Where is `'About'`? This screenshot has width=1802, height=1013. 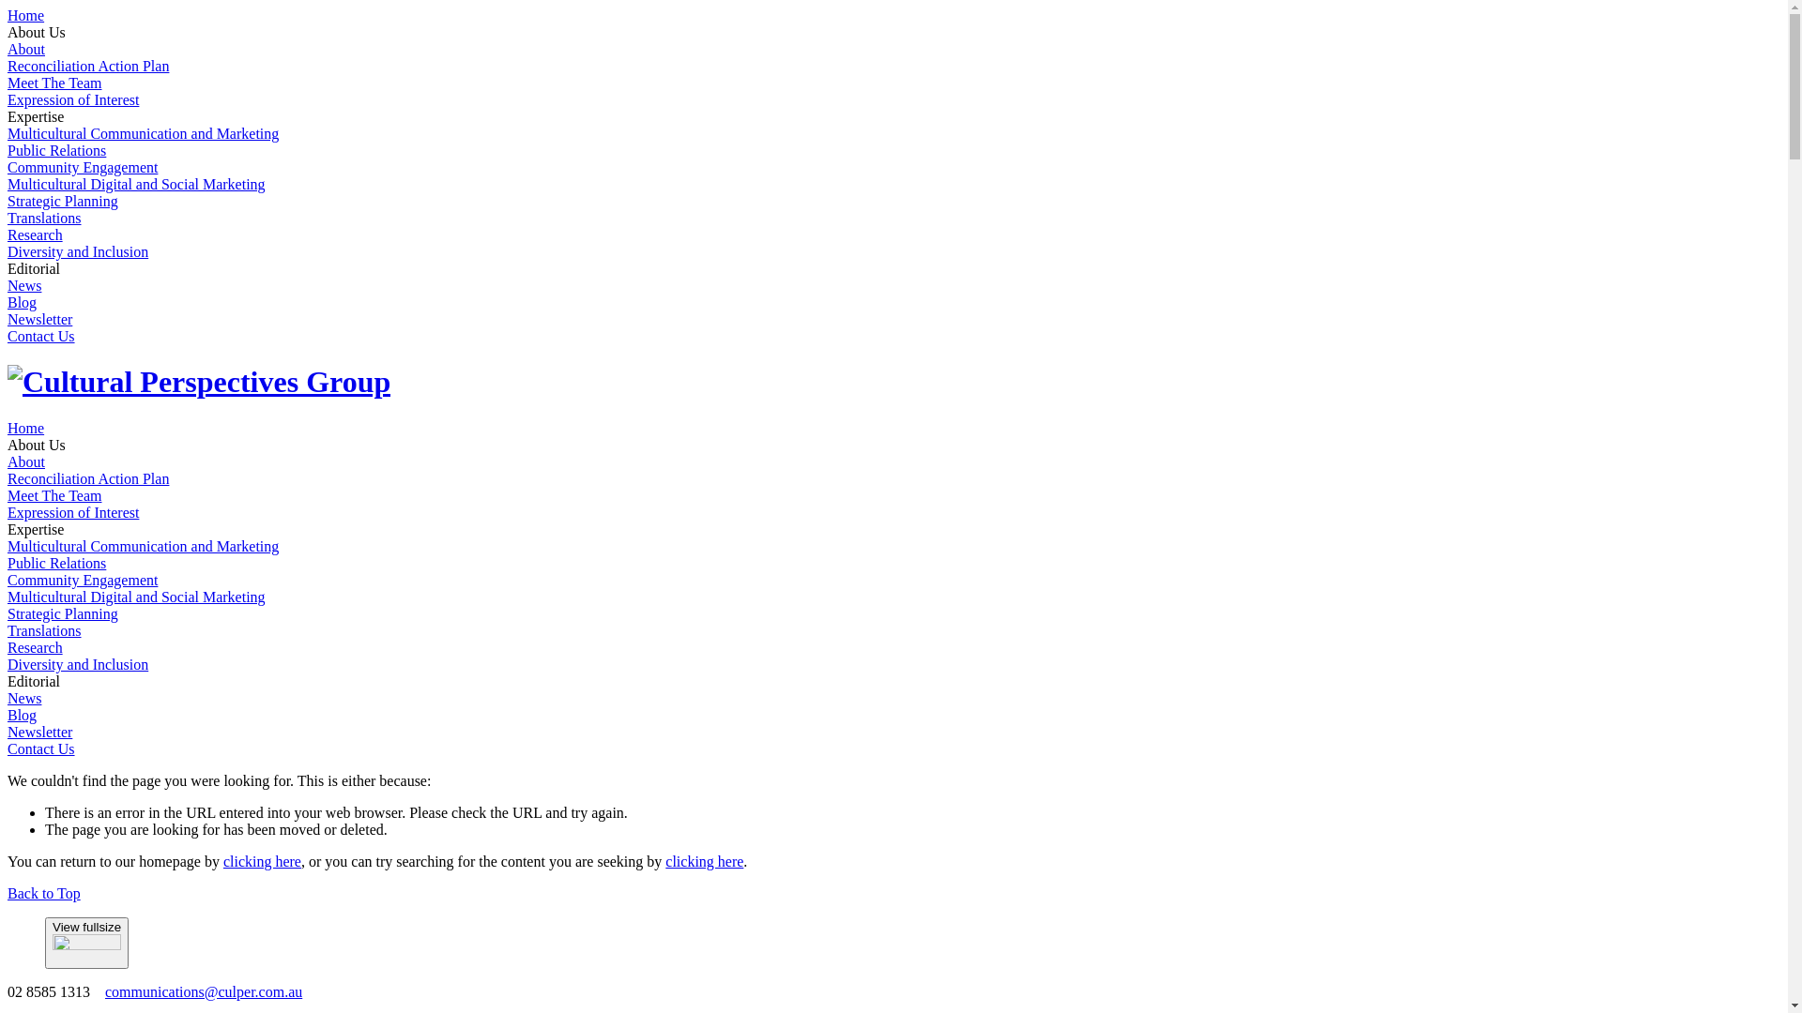
'About' is located at coordinates (26, 48).